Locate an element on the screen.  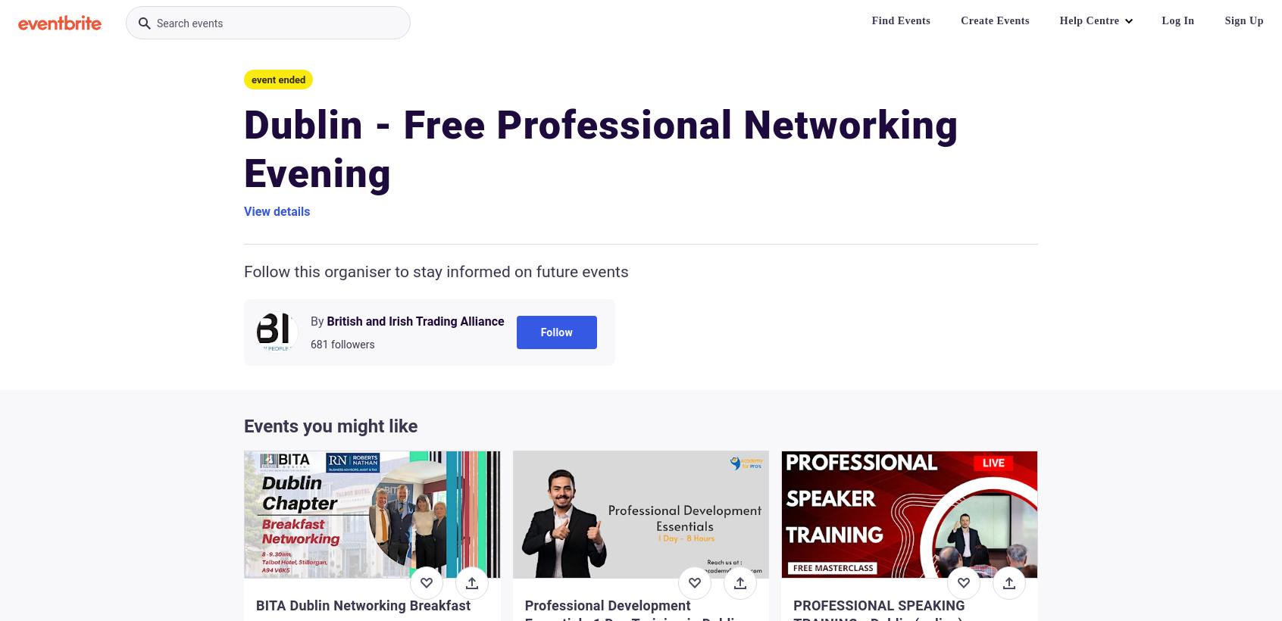
'Search events' is located at coordinates (189, 22).